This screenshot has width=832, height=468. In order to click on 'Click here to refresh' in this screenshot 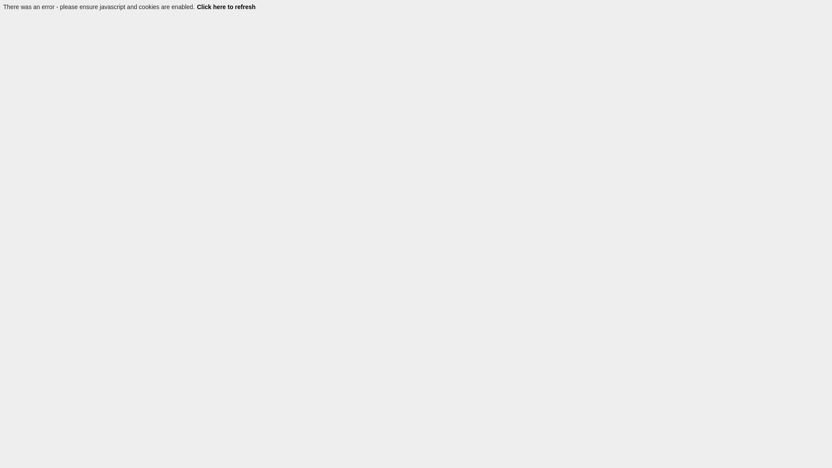, I will do `click(226, 6)`.